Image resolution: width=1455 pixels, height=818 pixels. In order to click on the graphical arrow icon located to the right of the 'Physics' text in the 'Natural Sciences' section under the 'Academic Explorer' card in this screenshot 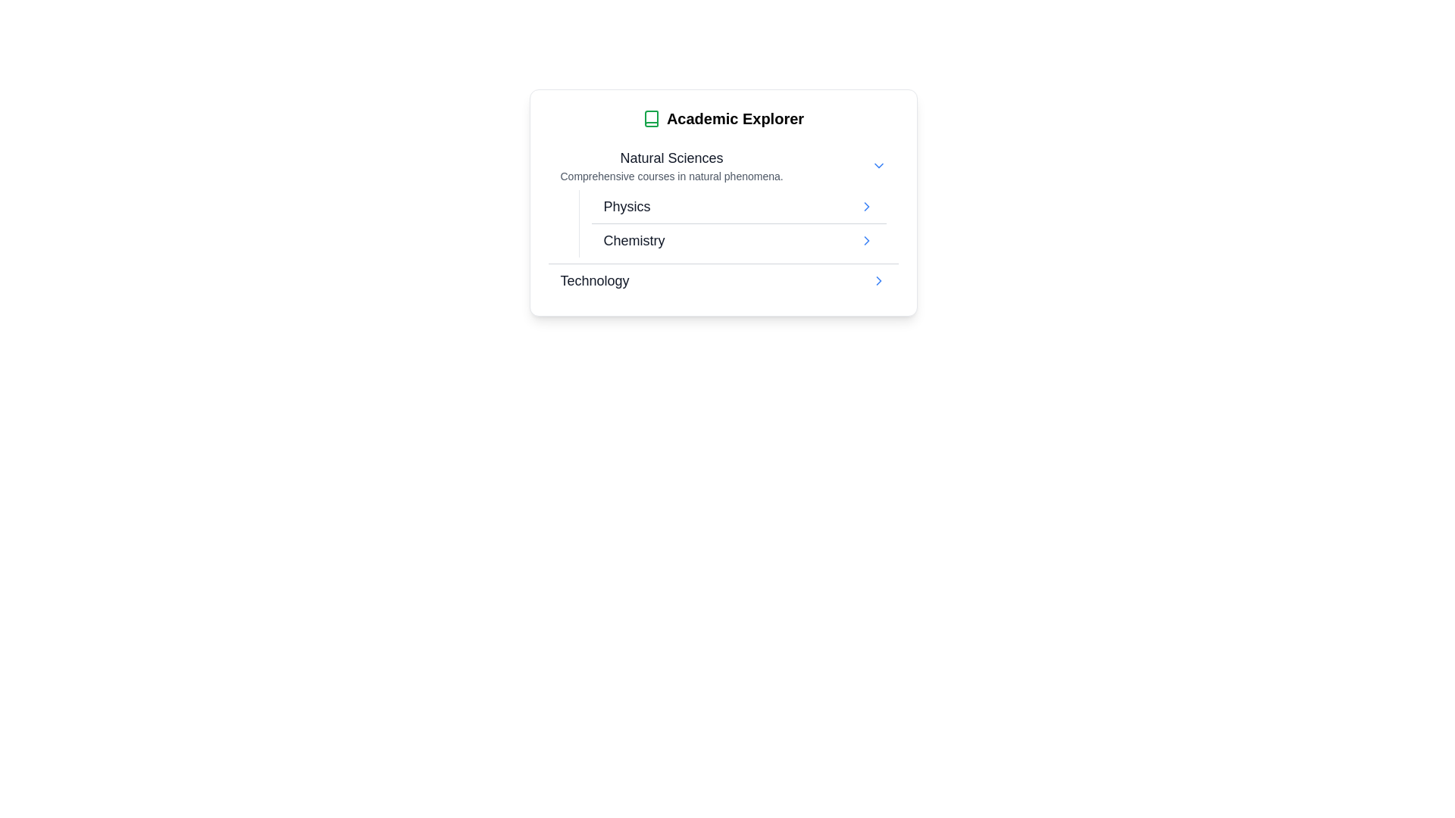, I will do `click(866, 207)`.